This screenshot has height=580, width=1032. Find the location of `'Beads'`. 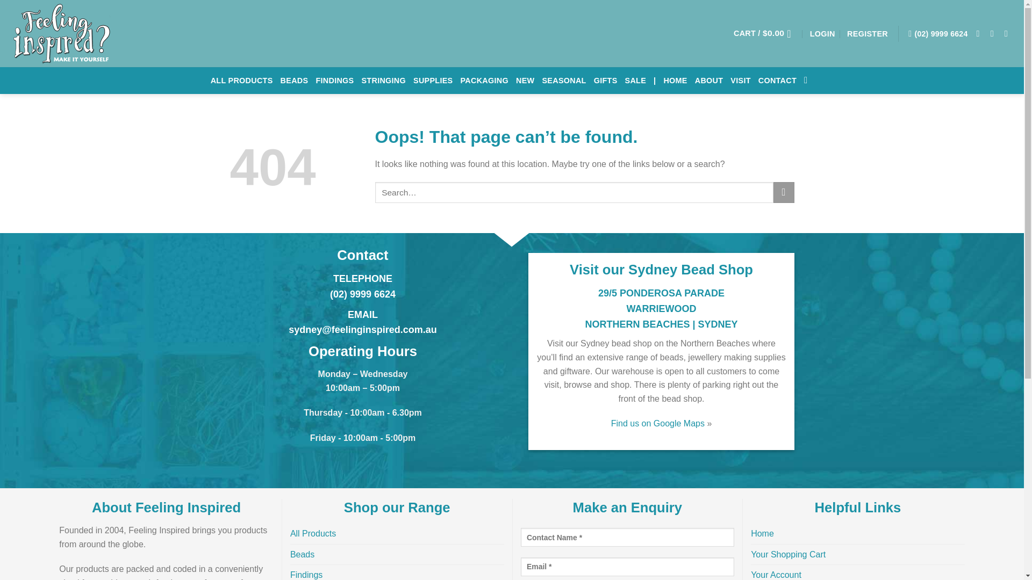

'Beads' is located at coordinates (302, 555).